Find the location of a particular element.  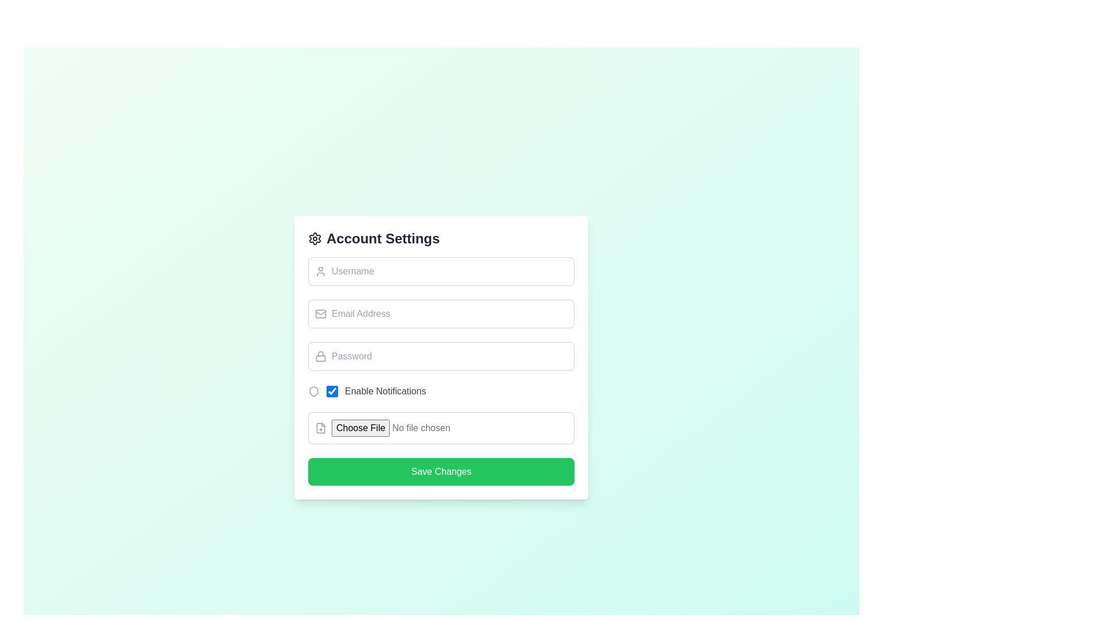

the Decorative Icon located inside the Email Address input field, positioned to the left of the field is located at coordinates (320, 314).